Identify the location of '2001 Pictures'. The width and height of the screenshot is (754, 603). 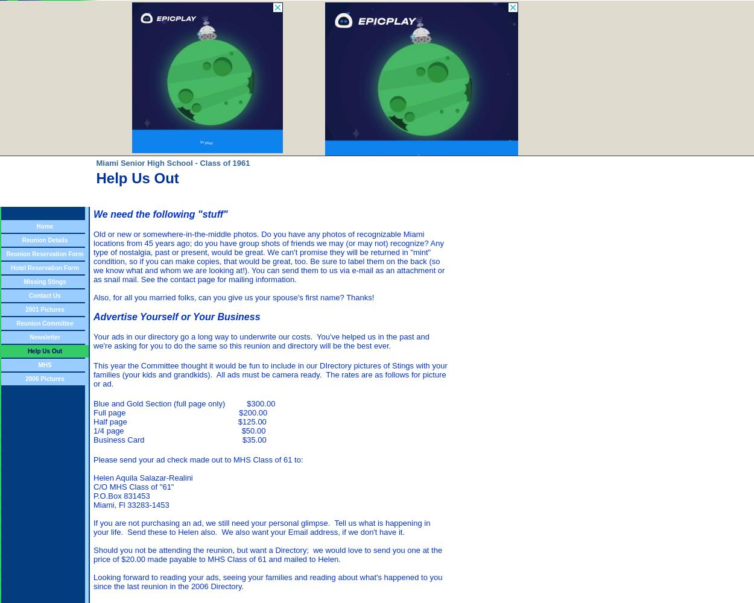
(44, 309).